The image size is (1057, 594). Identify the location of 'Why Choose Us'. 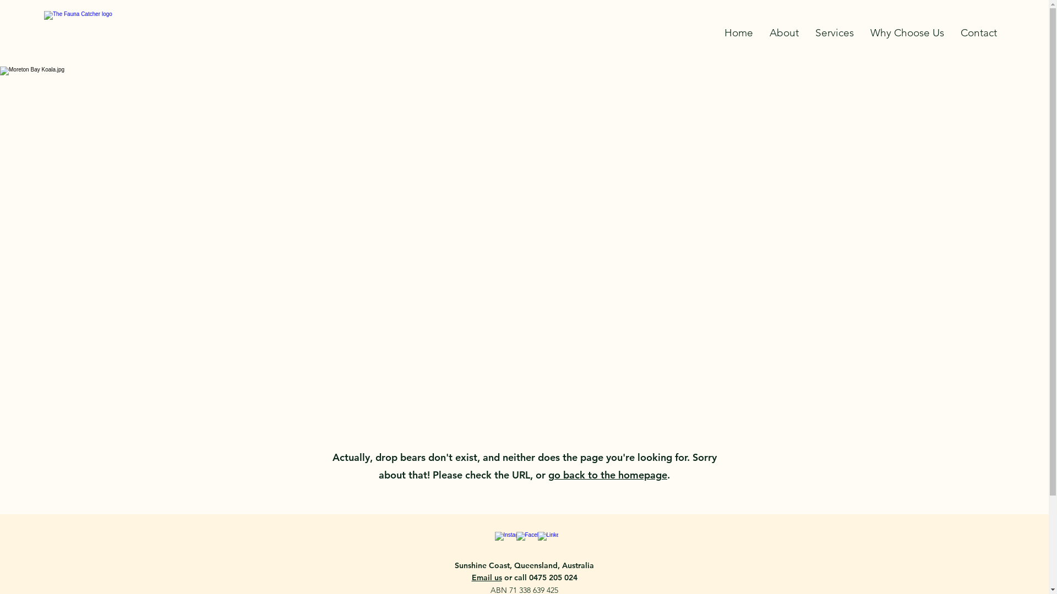
(861, 32).